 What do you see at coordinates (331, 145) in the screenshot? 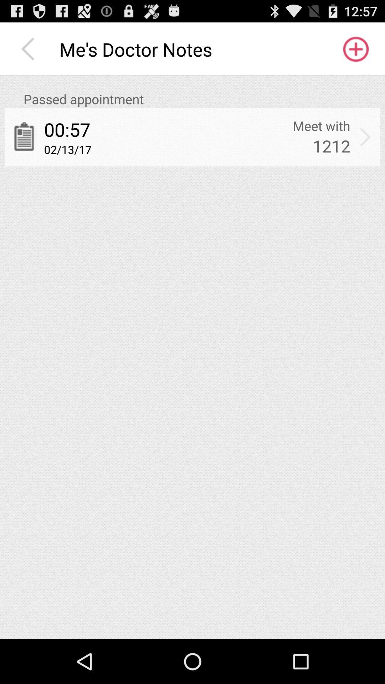
I see `1212` at bounding box center [331, 145].